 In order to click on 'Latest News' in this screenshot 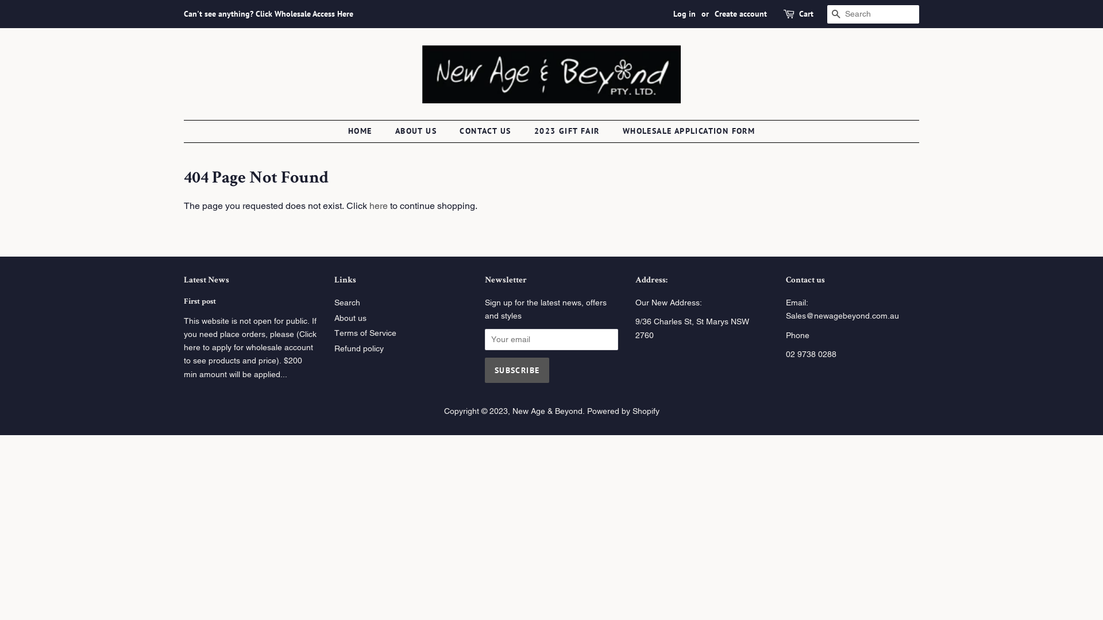, I will do `click(206, 280)`.